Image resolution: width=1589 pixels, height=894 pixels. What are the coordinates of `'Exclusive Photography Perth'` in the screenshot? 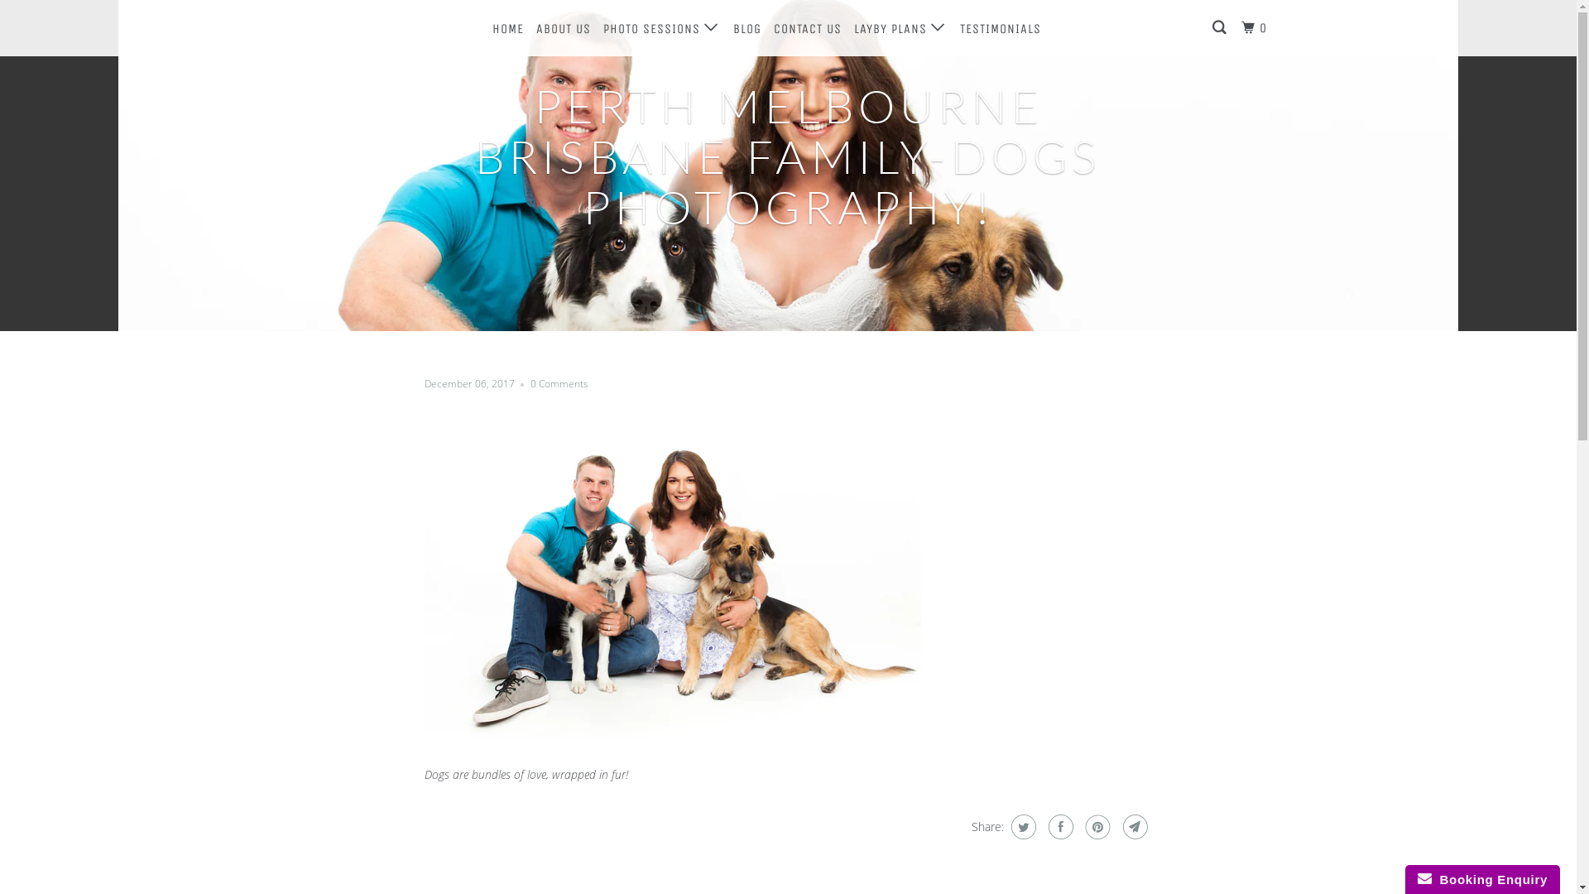 It's located at (383, 28).